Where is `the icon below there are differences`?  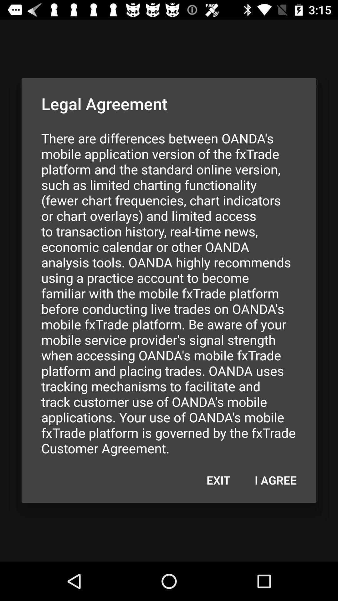
the icon below there are differences is located at coordinates (218, 480).